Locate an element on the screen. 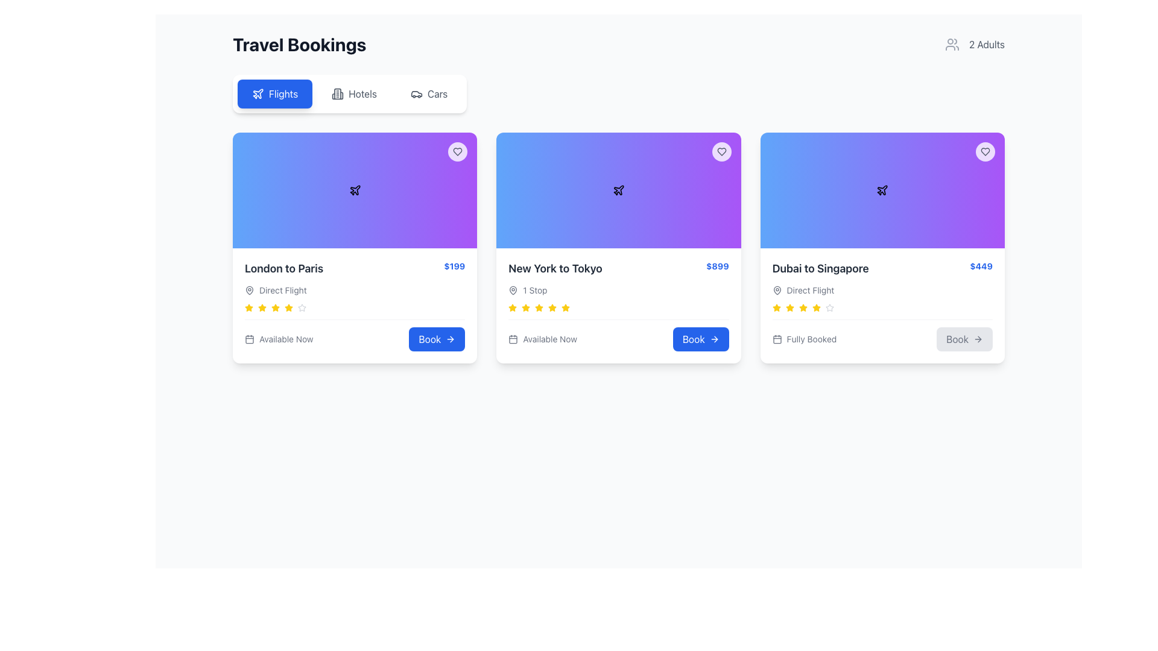 The width and height of the screenshot is (1158, 651). the flight icon located centrally inside the second card from the left in a horizontal grid of three cards in the travel booking interface is located at coordinates (619, 190).